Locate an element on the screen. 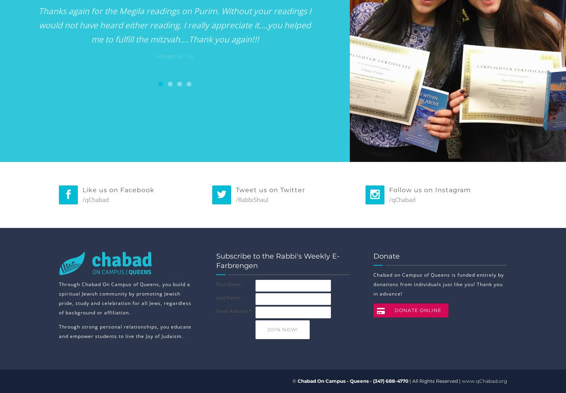  'Last Name:' is located at coordinates (228, 298).